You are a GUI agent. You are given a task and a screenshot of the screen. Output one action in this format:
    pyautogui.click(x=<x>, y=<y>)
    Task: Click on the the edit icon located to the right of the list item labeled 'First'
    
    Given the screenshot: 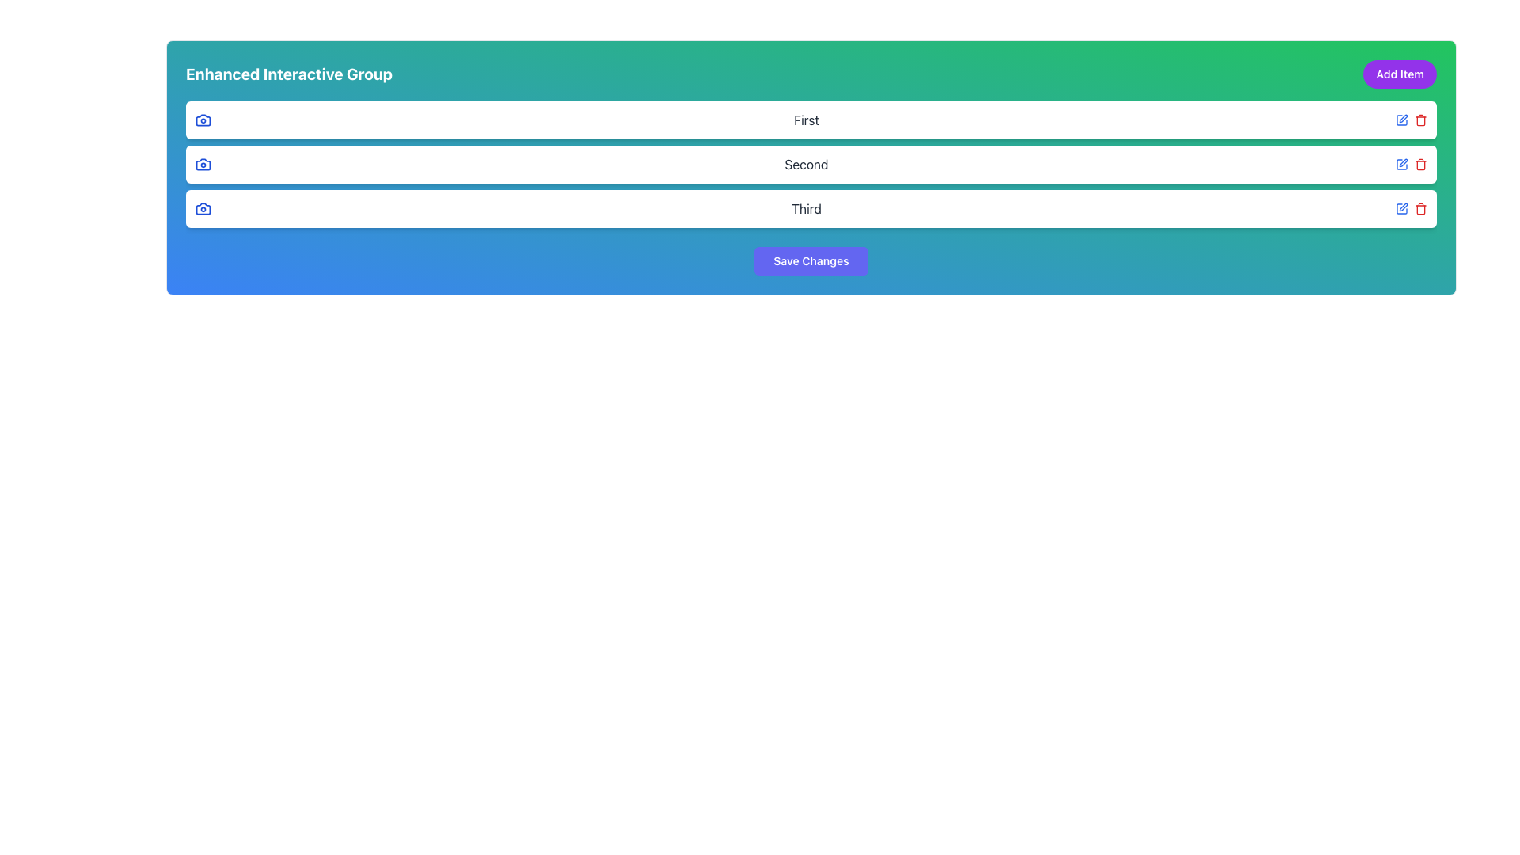 What is the action you would take?
    pyautogui.click(x=1402, y=119)
    